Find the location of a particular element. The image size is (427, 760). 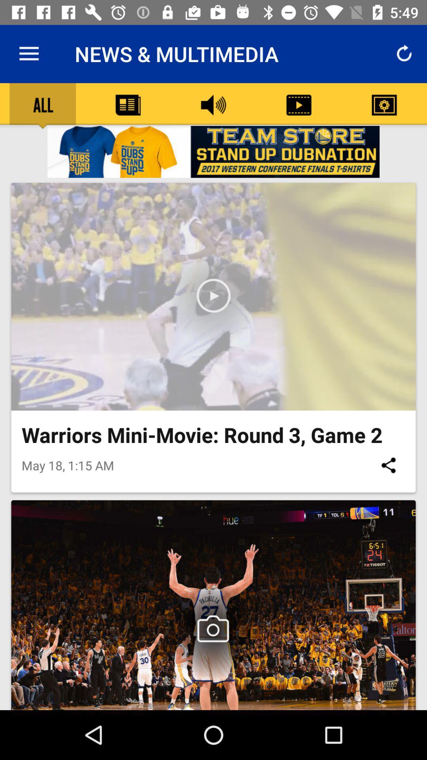

icon to the right of the may 18 1 is located at coordinates (388, 465).